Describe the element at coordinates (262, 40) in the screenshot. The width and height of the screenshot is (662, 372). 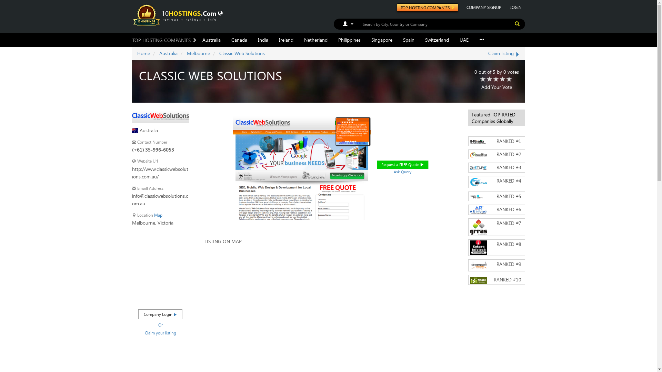
I see `'India'` at that location.